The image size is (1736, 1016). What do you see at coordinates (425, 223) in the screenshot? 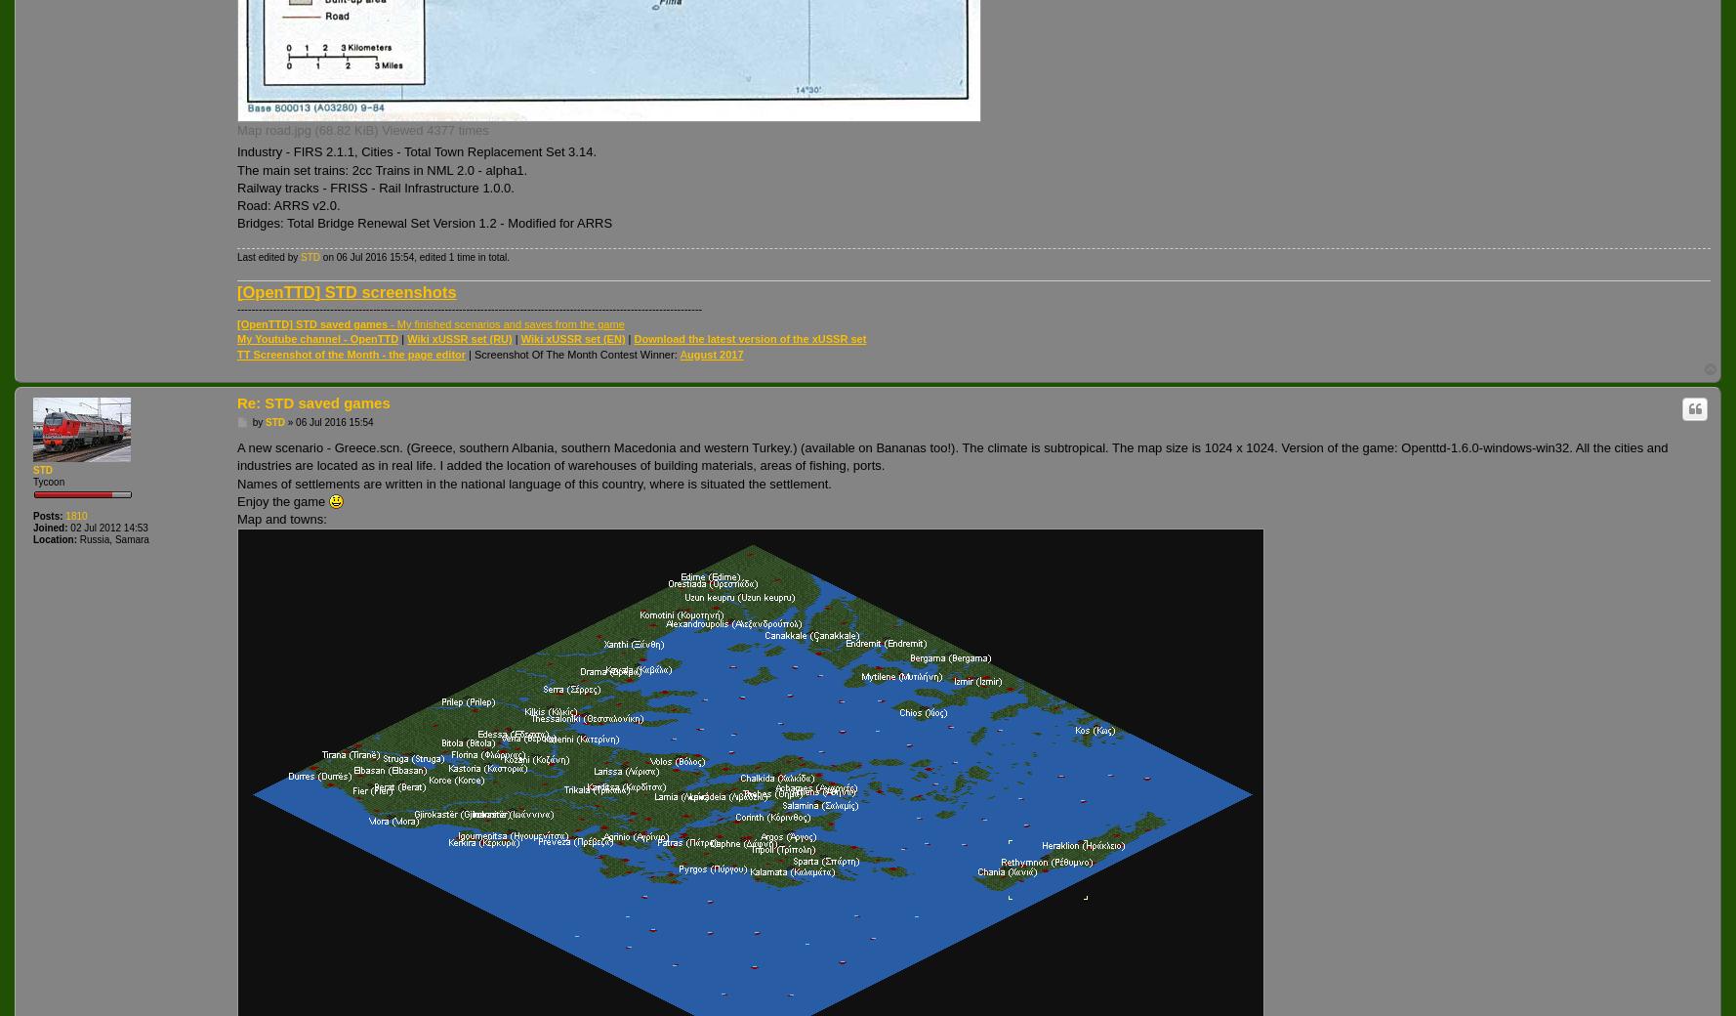
I see `'Bridges: Total Bridge Renewal Set Version 1.2 - Modified for ARRS'` at bounding box center [425, 223].